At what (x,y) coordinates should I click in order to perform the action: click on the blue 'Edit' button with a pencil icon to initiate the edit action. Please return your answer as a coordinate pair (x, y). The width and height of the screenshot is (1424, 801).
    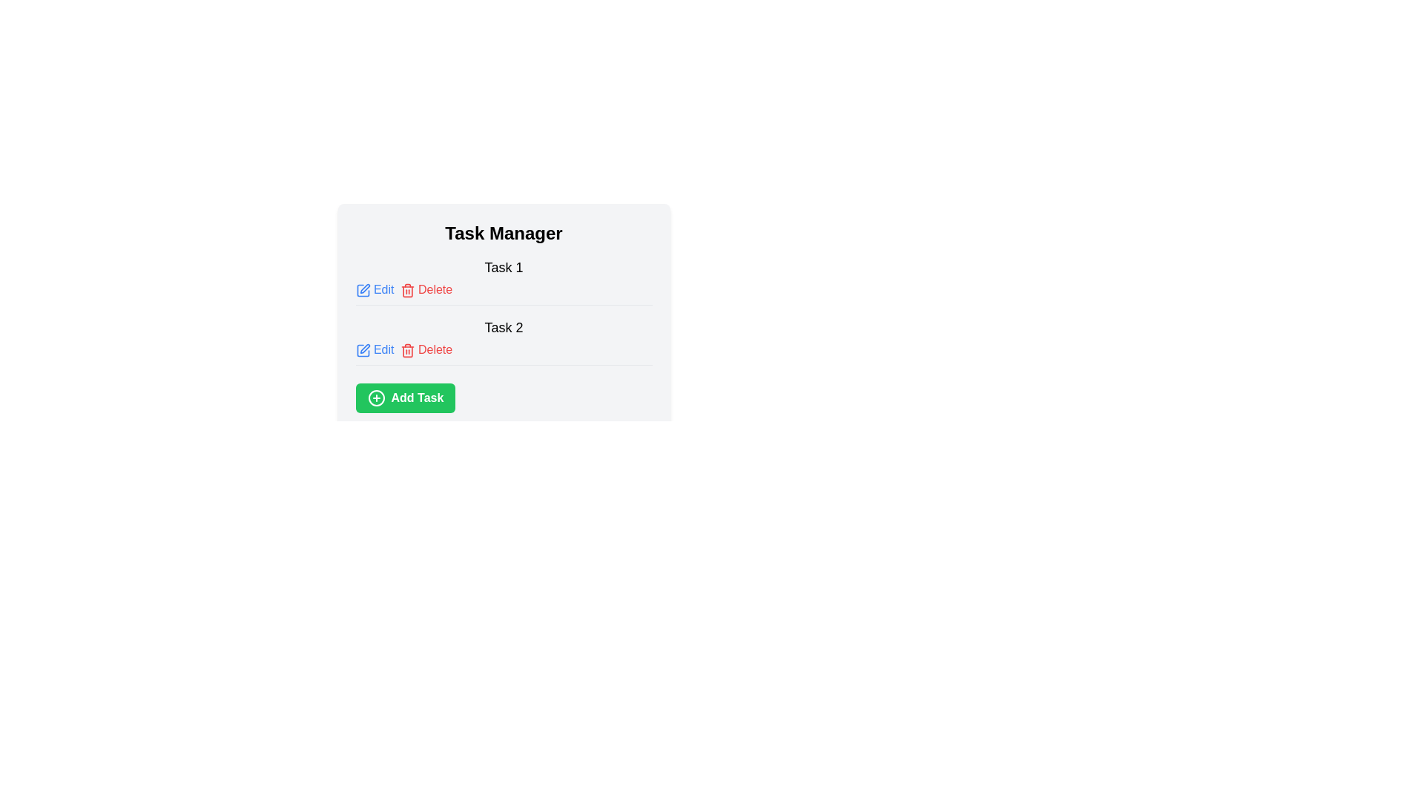
    Looking at the image, I should click on (375, 289).